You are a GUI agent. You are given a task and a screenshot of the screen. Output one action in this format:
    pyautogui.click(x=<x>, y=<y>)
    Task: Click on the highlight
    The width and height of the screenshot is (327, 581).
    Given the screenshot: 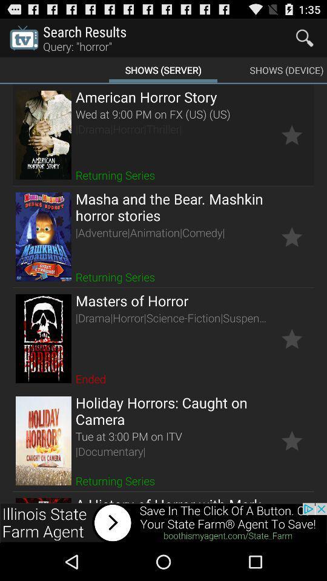 What is the action you would take?
    pyautogui.click(x=291, y=440)
    